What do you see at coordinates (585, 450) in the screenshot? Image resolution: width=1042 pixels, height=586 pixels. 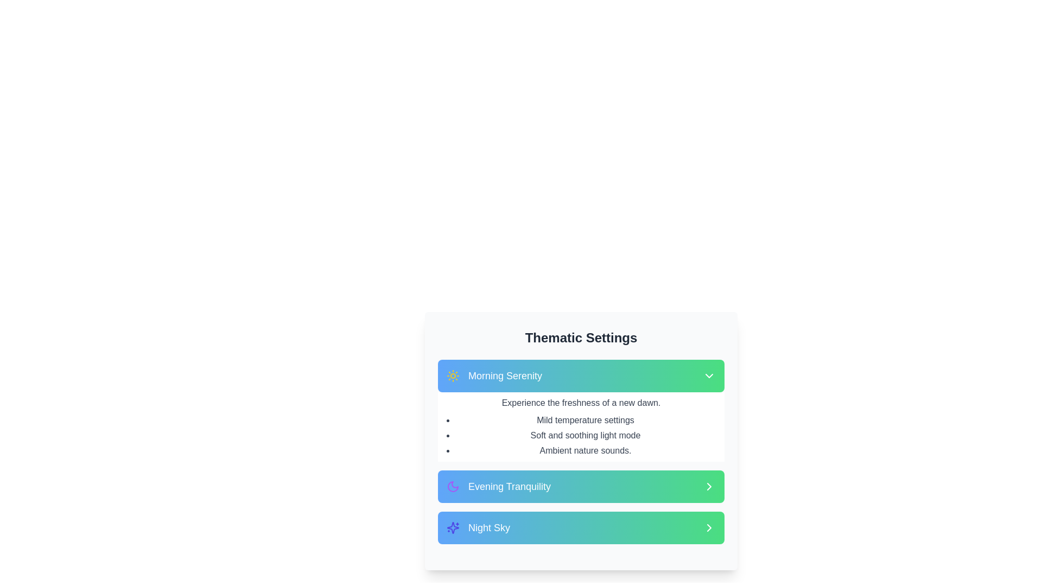 I see `the text item reading 'Ambient nature sounds.' which is the third item in a bulleted list under 'Morning Serenity.'` at bounding box center [585, 450].